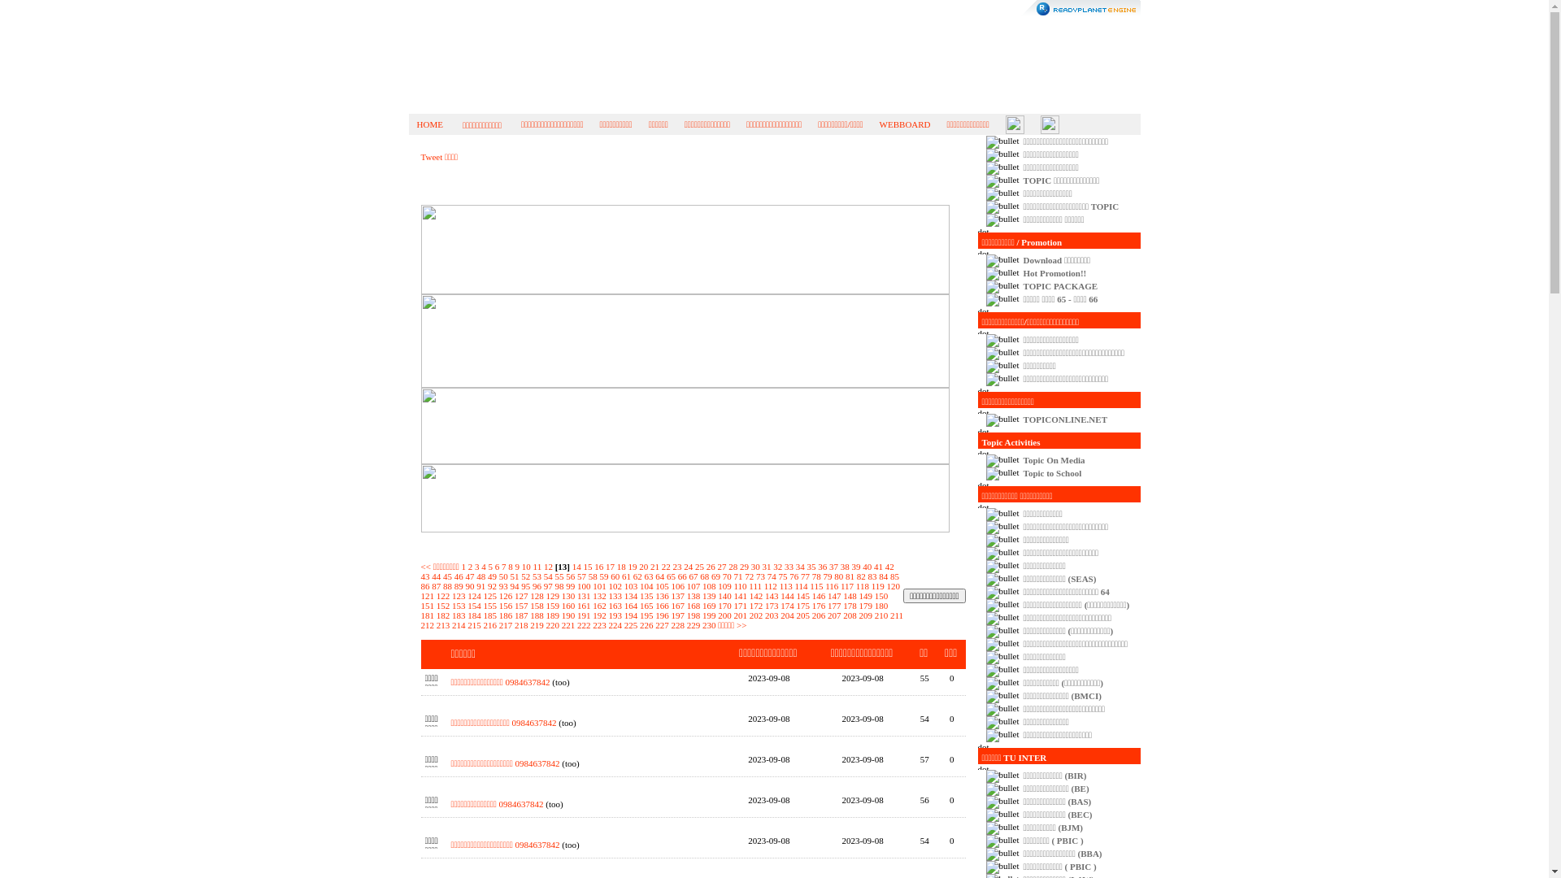 This screenshot has width=1561, height=878. I want to click on '113', so click(785, 586).